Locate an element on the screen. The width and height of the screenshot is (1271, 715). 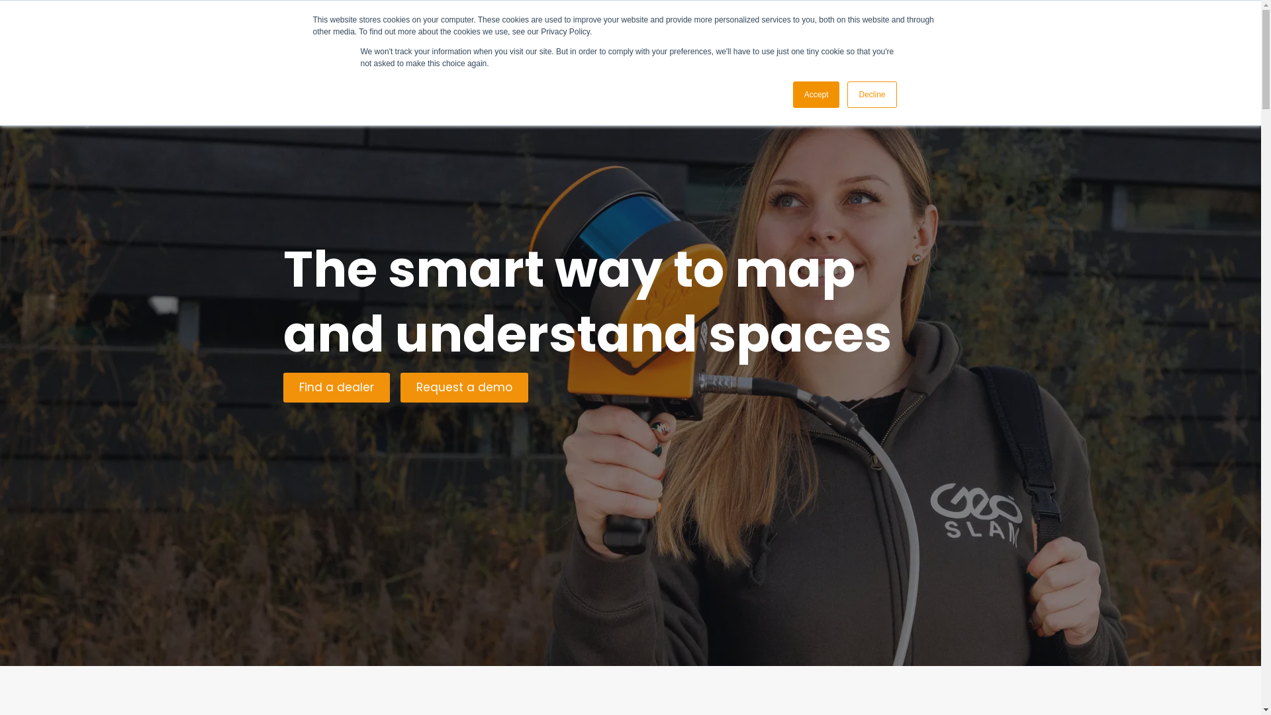
'Resources' is located at coordinates (749, 38).